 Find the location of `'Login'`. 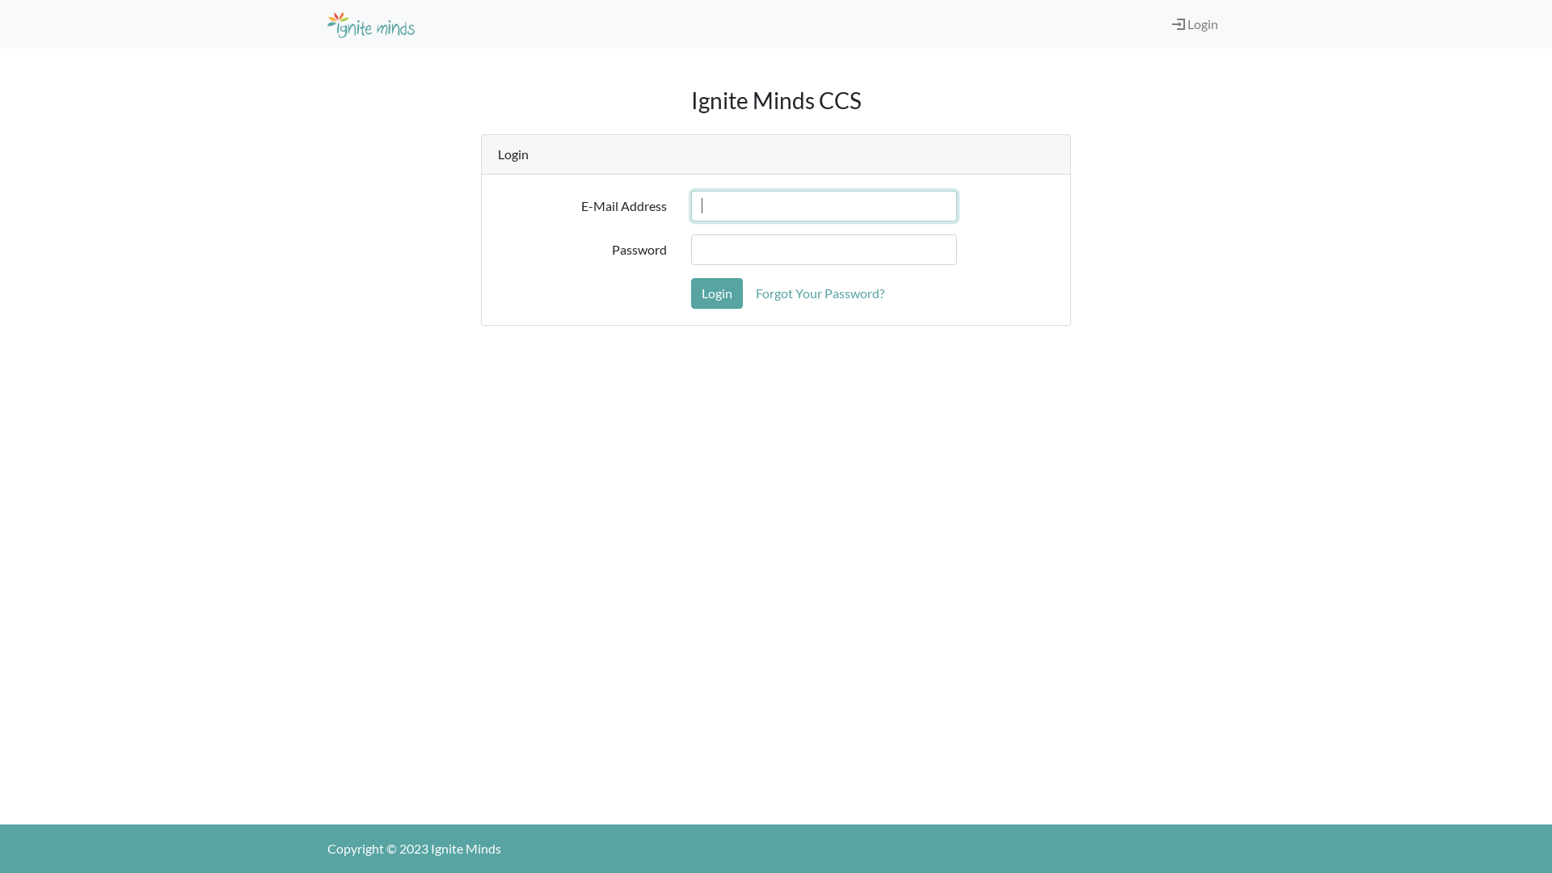

'Login' is located at coordinates (1195, 24).